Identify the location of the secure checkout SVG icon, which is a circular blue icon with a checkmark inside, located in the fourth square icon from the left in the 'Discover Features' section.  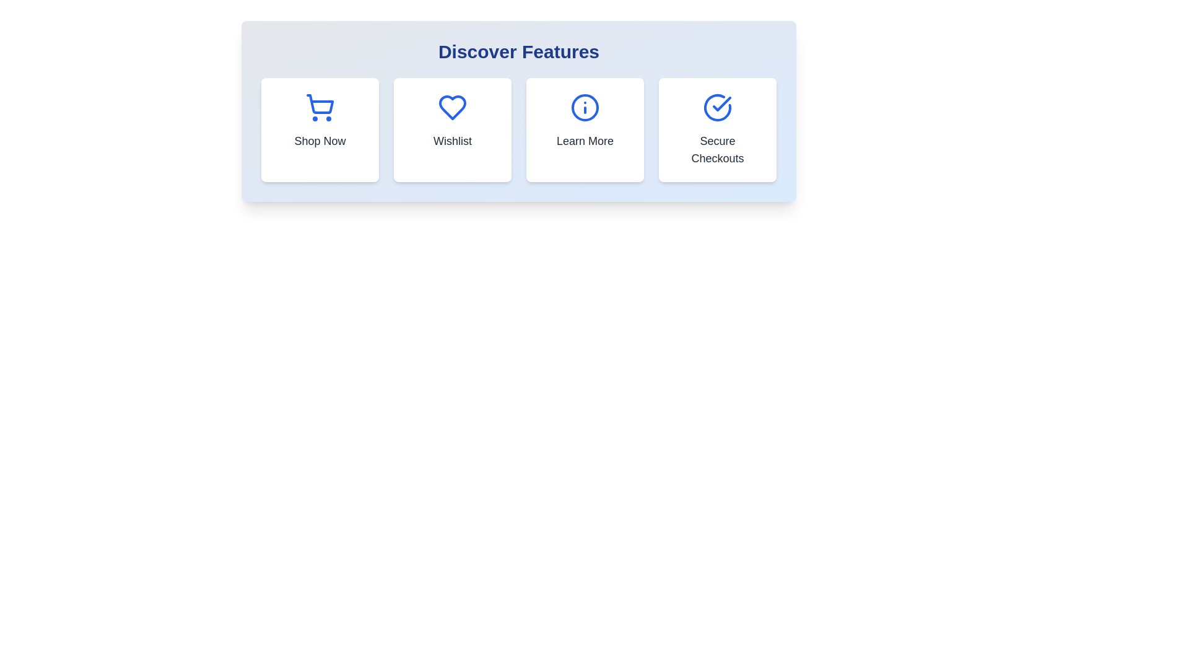
(717, 107).